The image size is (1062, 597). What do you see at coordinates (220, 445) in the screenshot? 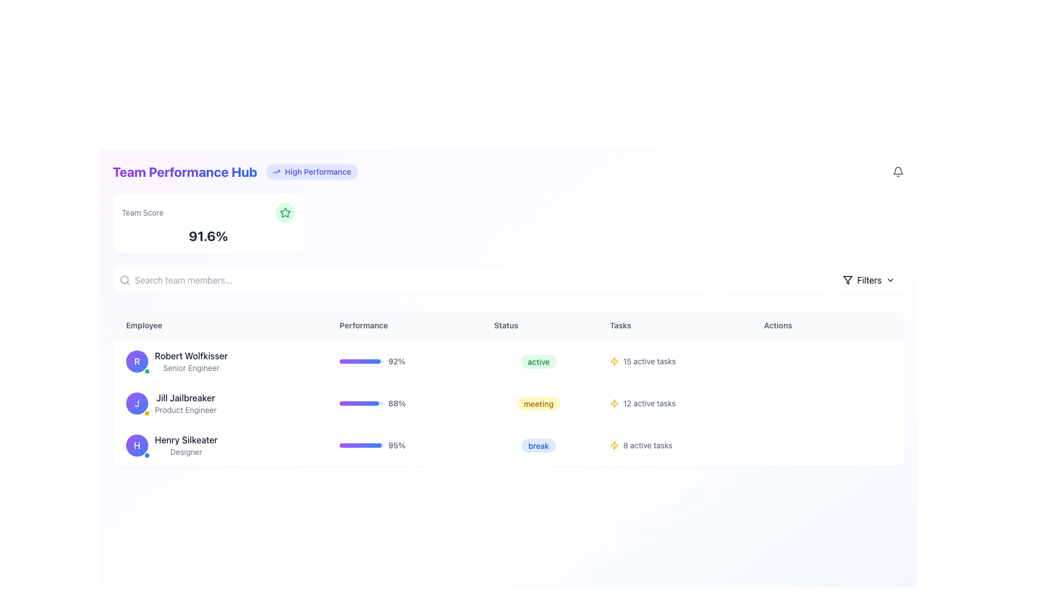
I see `the Profile information display for 'Henry Silkeater', which includes the name in bold black font and a circular avatar with a purple gradient background` at bounding box center [220, 445].